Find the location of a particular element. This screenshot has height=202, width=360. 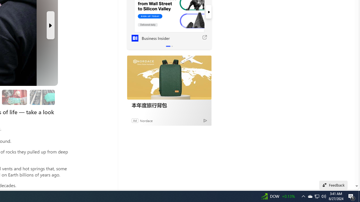

'Researchers are still studying the samples' is located at coordinates (42, 97).